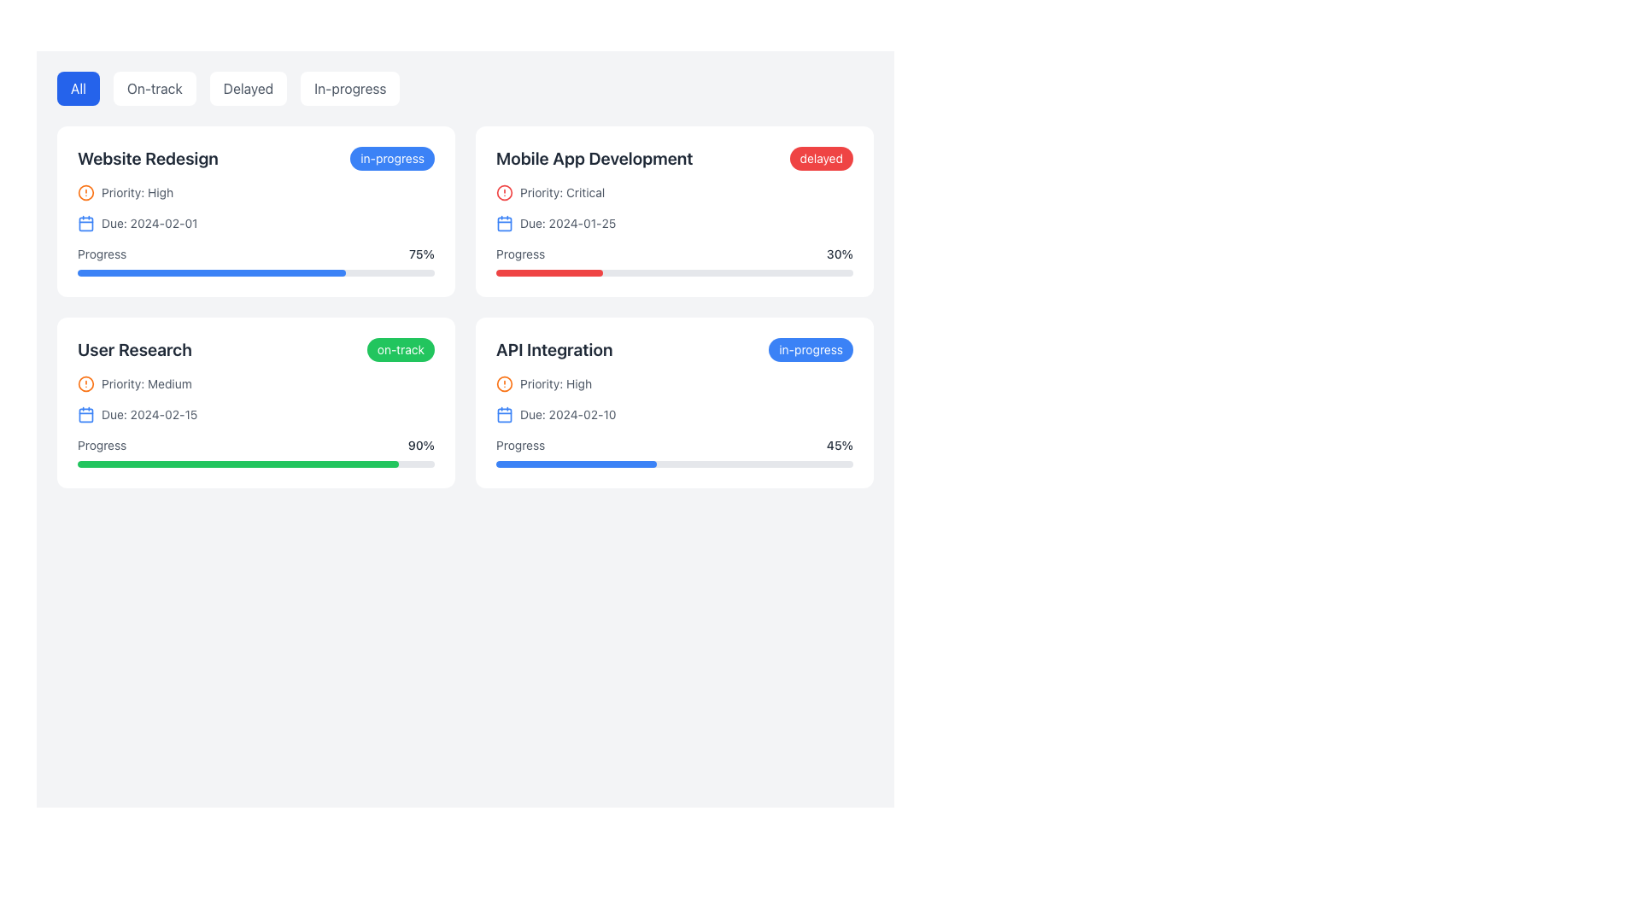 The width and height of the screenshot is (1640, 922). I want to click on visual progress of the progress indicator bar associated with the task labeled 'Website Redesign', which is filled up to 75% and is located below the 'Progress' text, so click(255, 260).